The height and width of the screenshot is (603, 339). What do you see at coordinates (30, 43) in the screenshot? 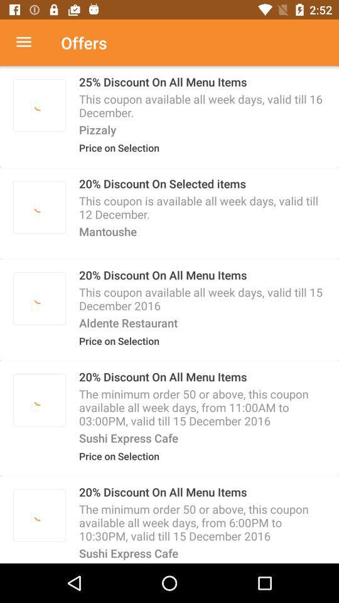
I see `the item next to offers item` at bounding box center [30, 43].